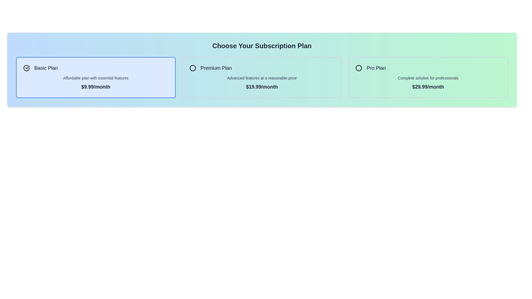 The width and height of the screenshot is (532, 299). What do you see at coordinates (46, 68) in the screenshot?
I see `the text 'Basic Plan', which is styled with a larger font size and bold appearance` at bounding box center [46, 68].